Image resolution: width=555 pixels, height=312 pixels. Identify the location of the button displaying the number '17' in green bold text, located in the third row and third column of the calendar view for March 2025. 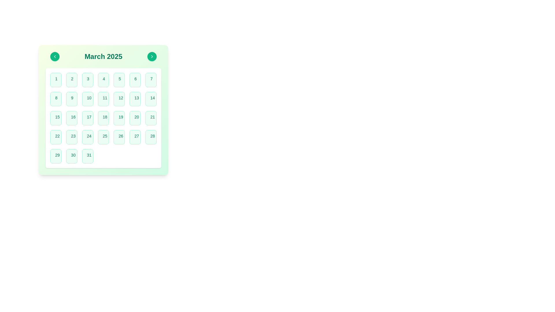
(87, 118).